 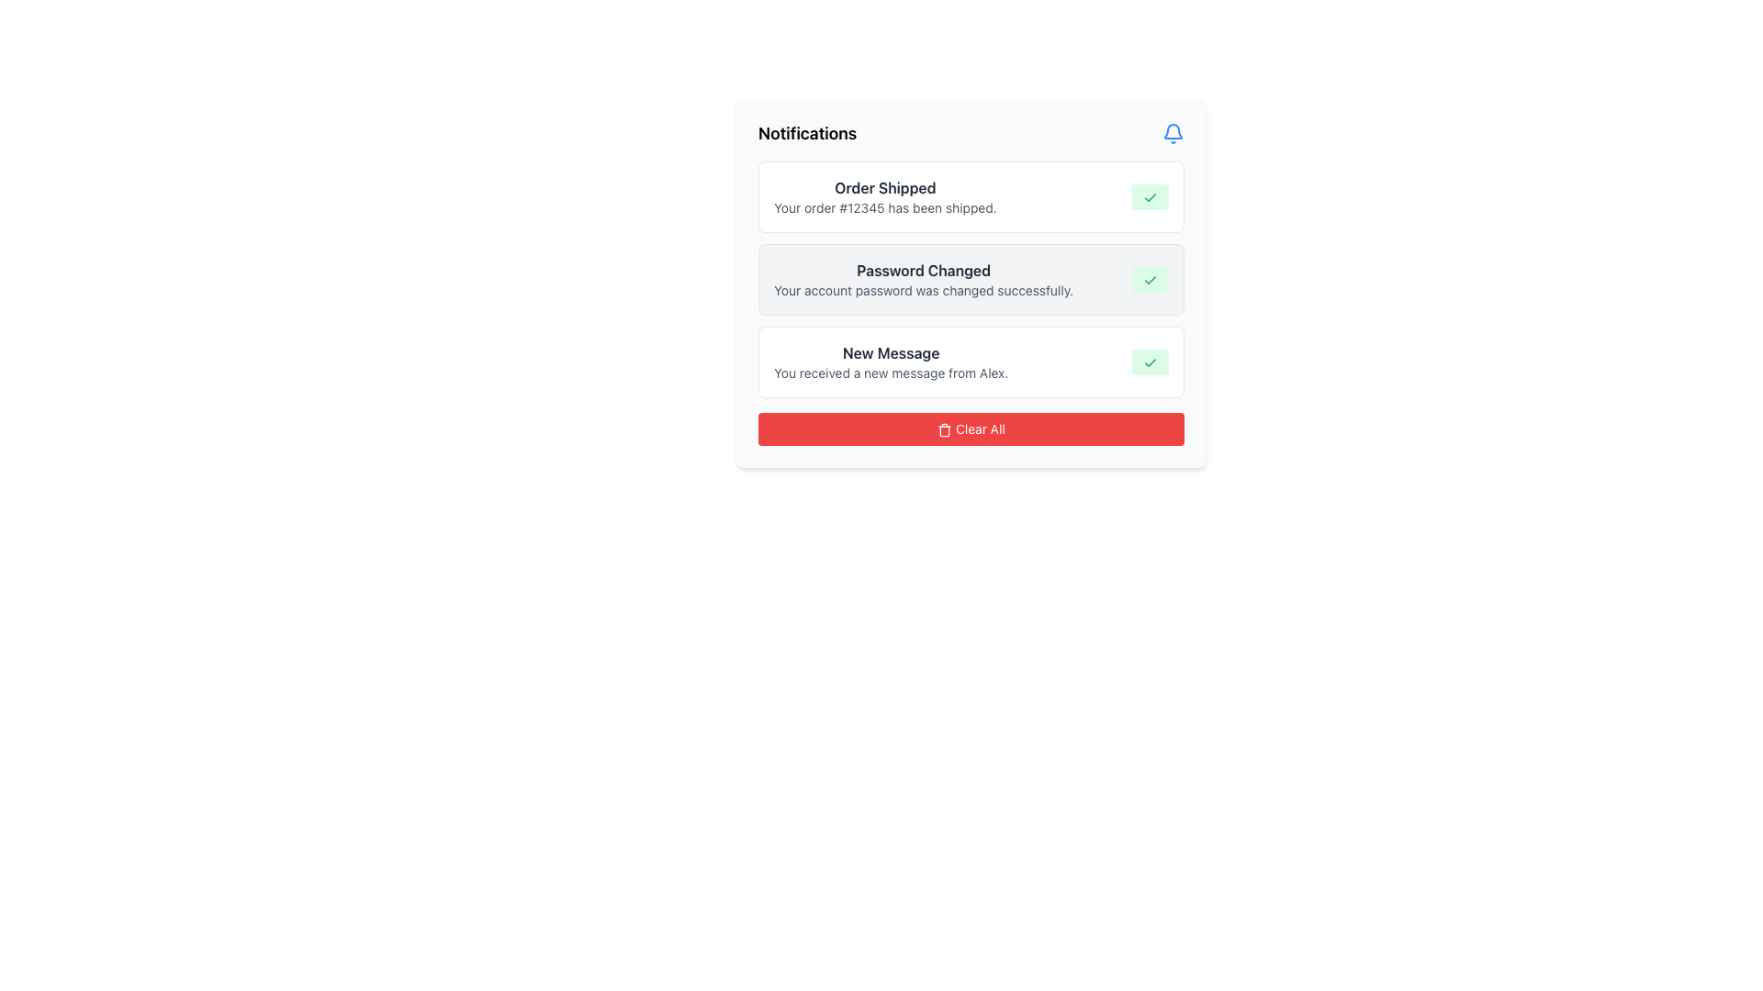 I want to click on the interactive button with a green checkmark icon next to the 'Password Changed' notification to acknowledge the notification, so click(x=1149, y=279).